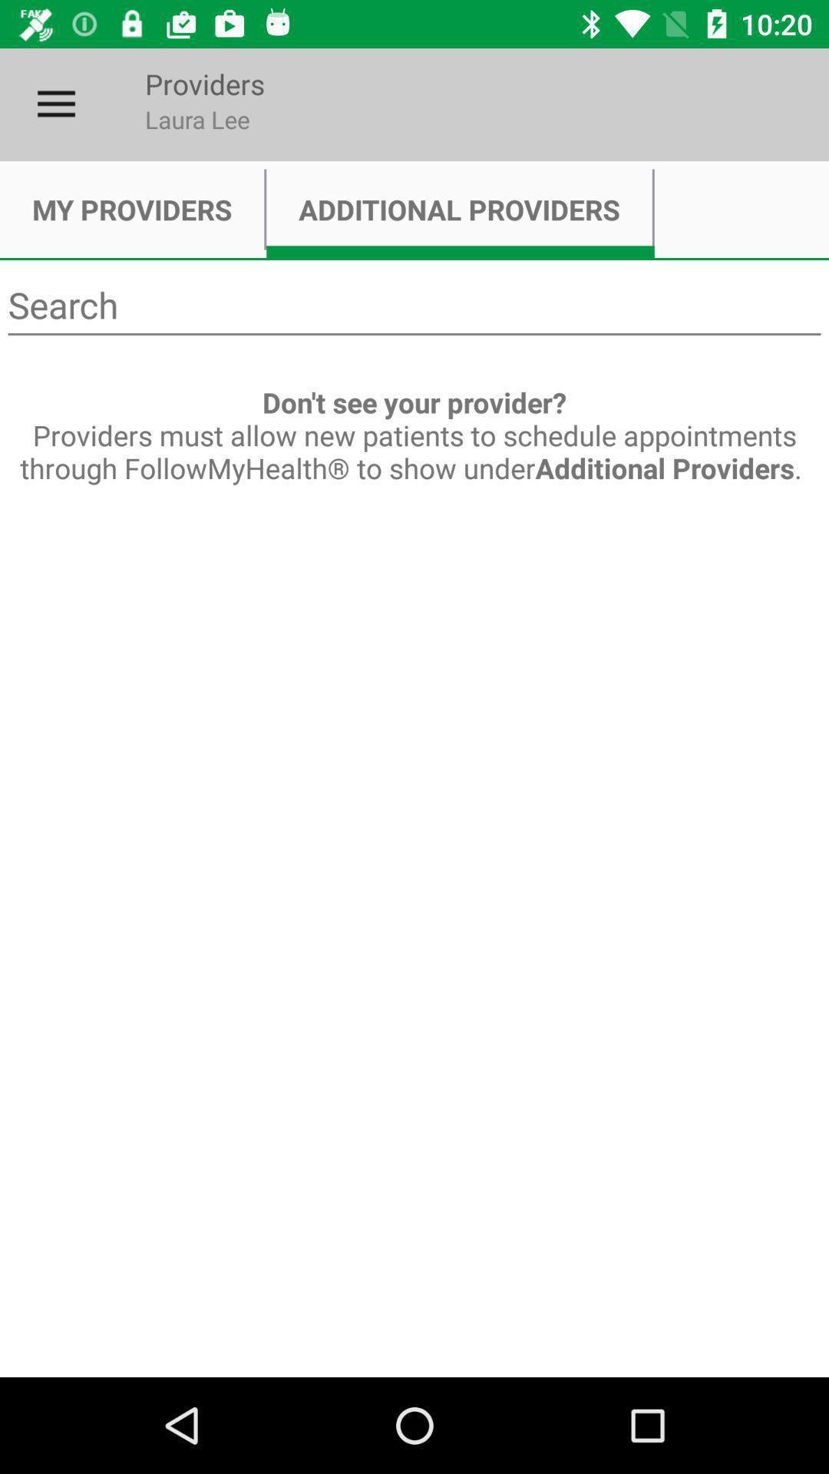 This screenshot has width=829, height=1474. Describe the element at coordinates (55, 104) in the screenshot. I see `the icon next to the providers icon` at that location.